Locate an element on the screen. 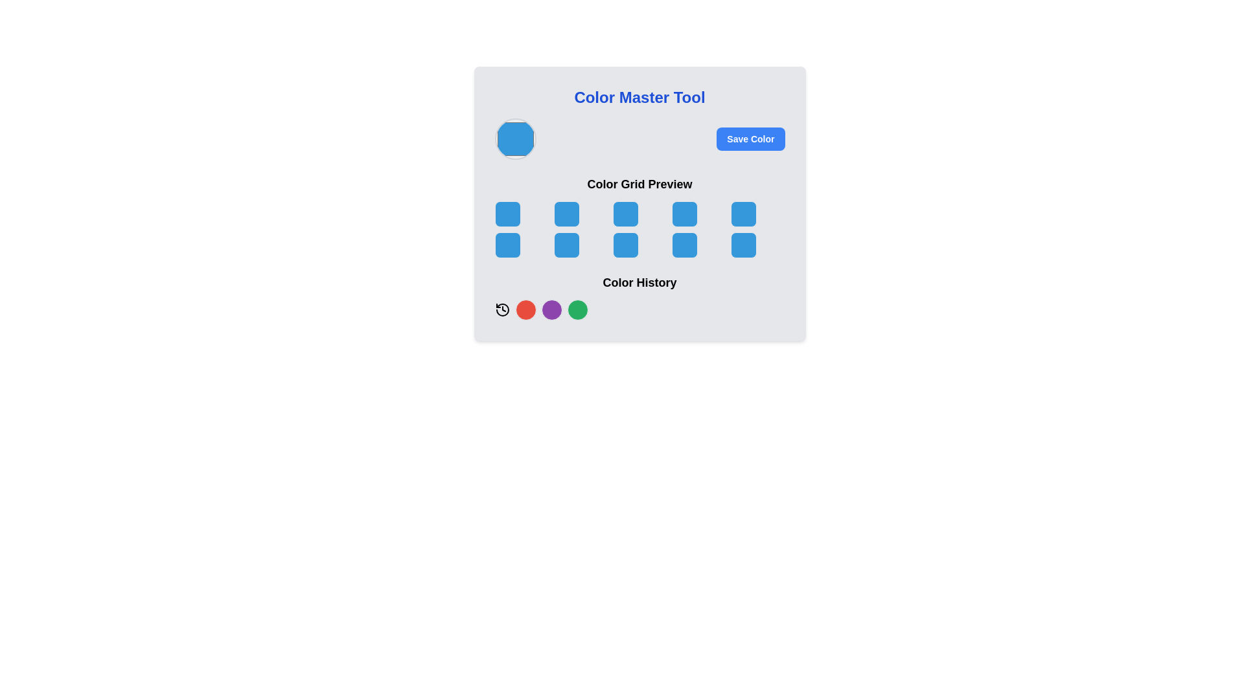 The width and height of the screenshot is (1244, 699). the fifth button in the first row of the color grid preview is located at coordinates (744, 214).